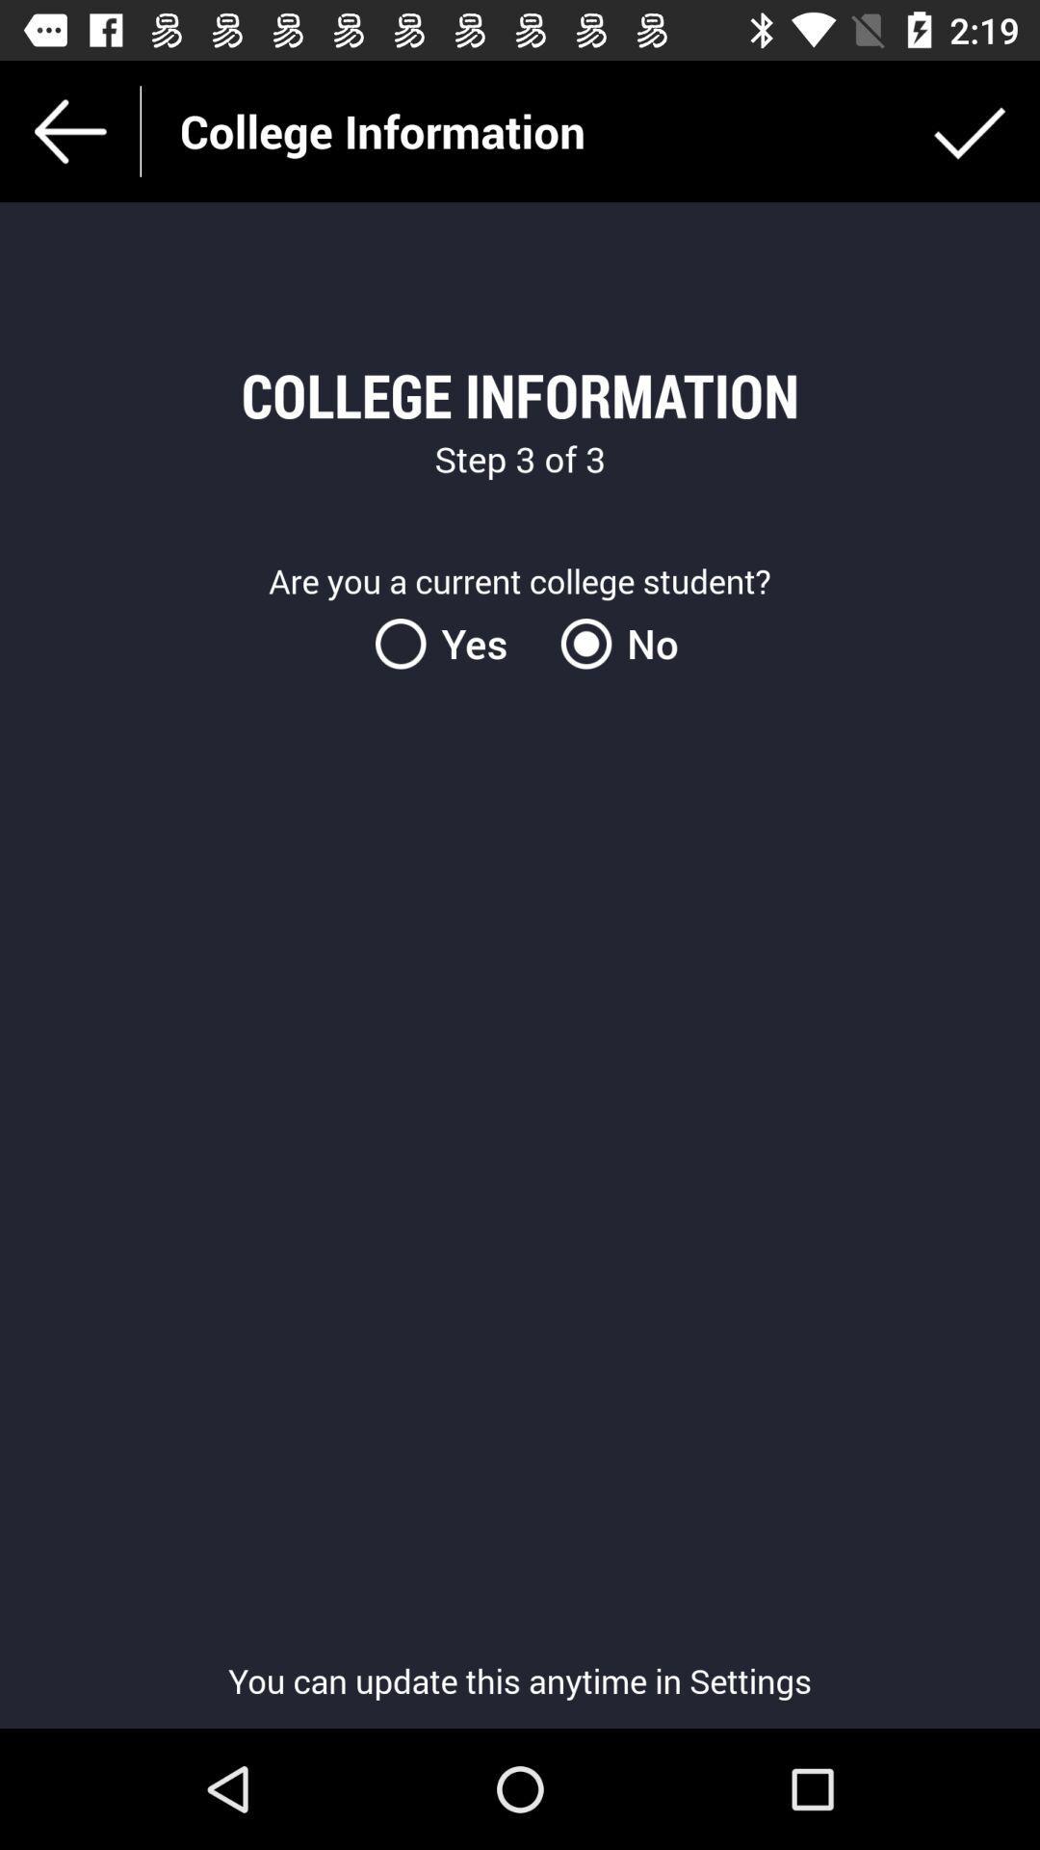 The image size is (1040, 1850). I want to click on the icon below are you a item, so click(453, 644).